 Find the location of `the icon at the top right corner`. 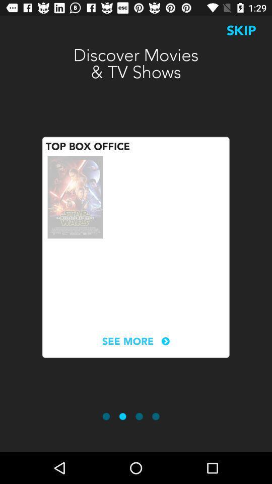

the icon at the top right corner is located at coordinates (241, 30).